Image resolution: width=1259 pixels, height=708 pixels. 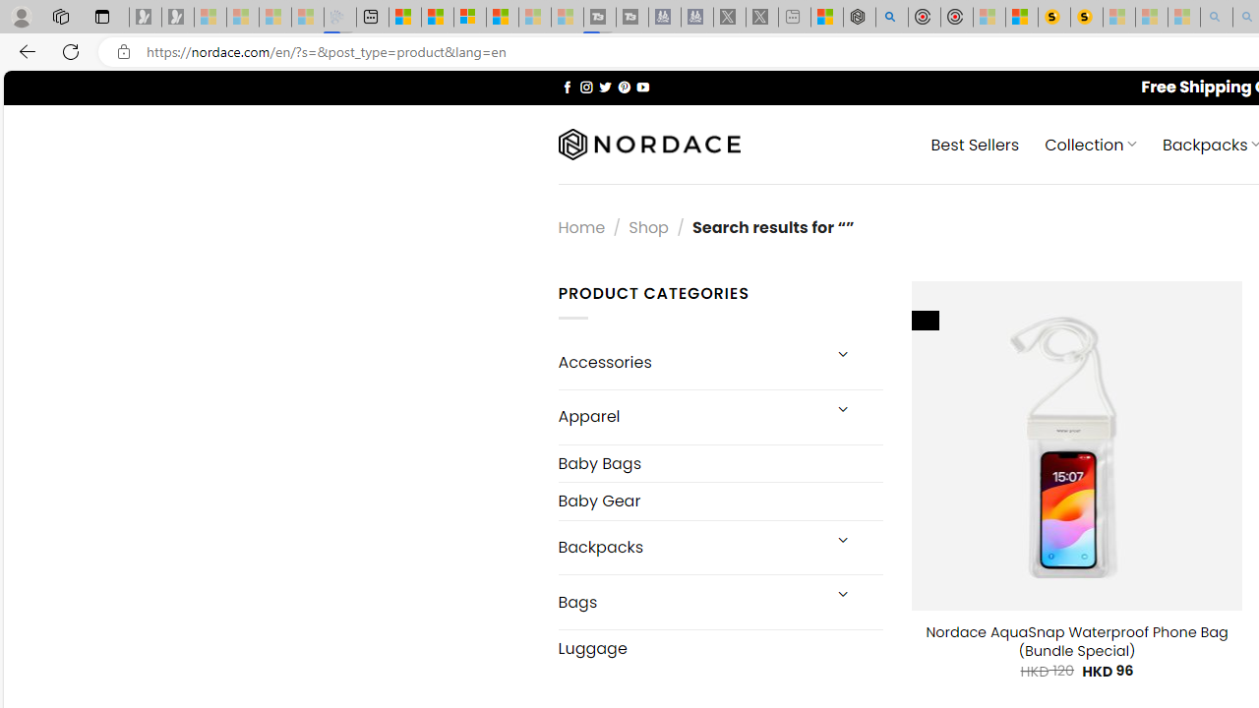 What do you see at coordinates (585, 86) in the screenshot?
I see `'Follow on Instagram'` at bounding box center [585, 86].